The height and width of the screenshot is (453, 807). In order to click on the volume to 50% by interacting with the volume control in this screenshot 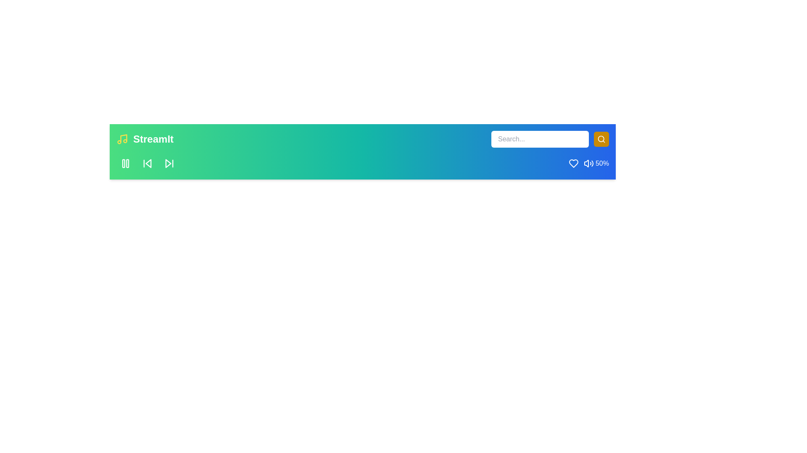, I will do `click(588, 163)`.